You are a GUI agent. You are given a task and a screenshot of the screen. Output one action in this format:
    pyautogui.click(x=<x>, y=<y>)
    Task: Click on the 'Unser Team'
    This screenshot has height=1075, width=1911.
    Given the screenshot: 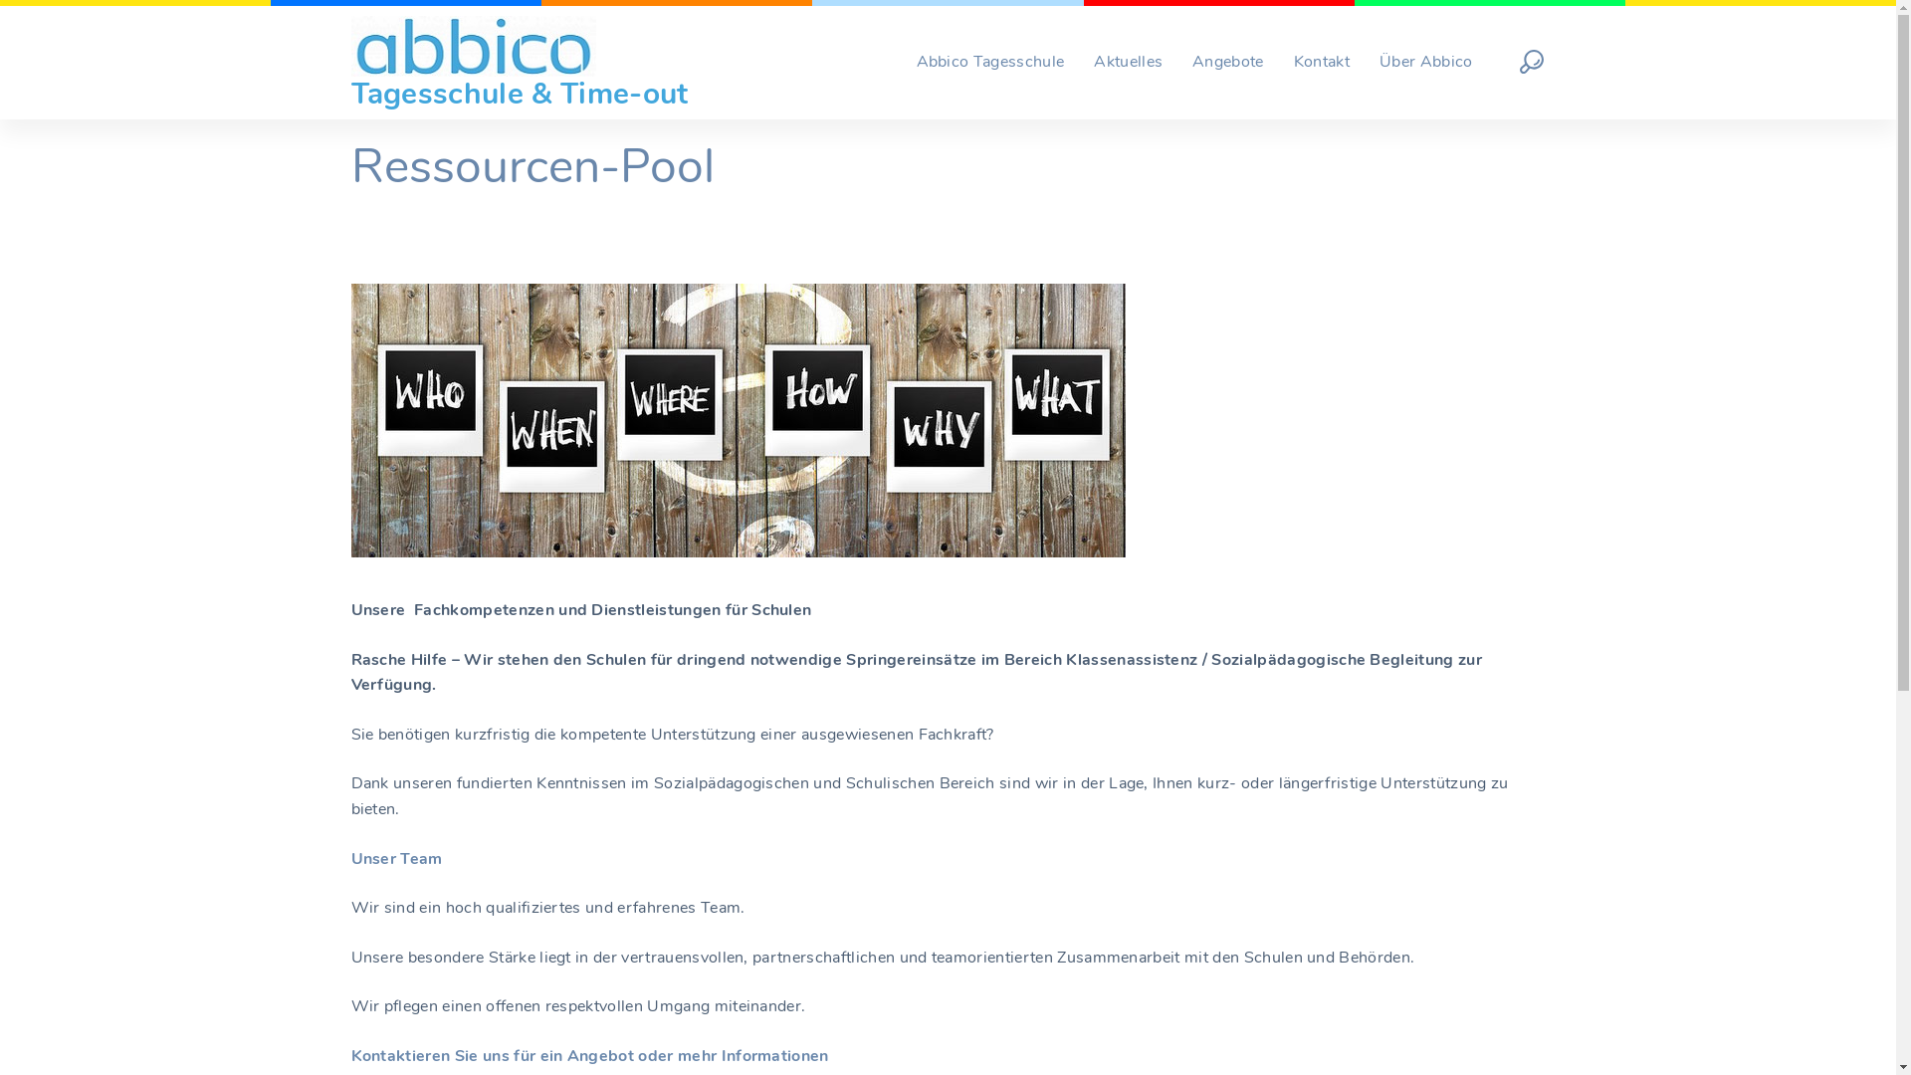 What is the action you would take?
    pyautogui.click(x=396, y=858)
    